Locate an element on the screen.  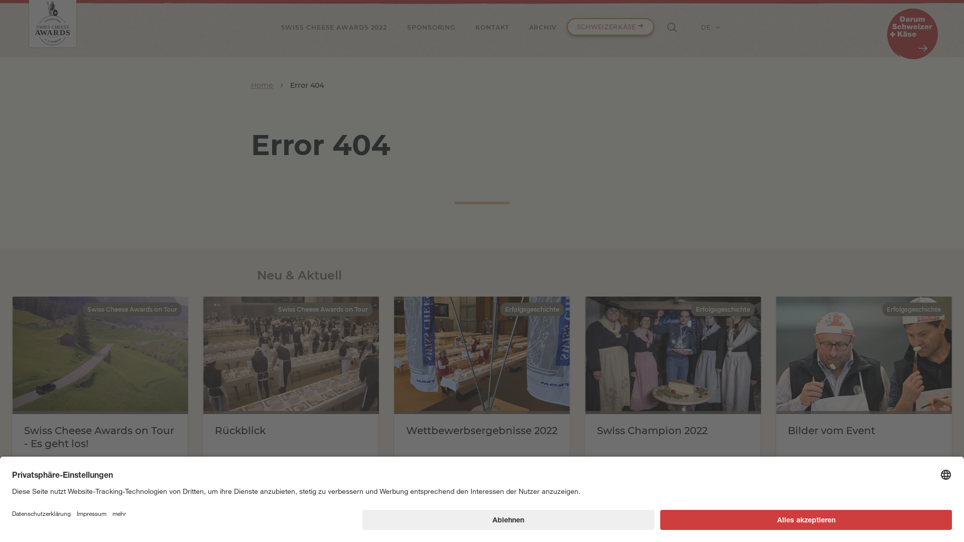
'Home' is located at coordinates (262, 84).